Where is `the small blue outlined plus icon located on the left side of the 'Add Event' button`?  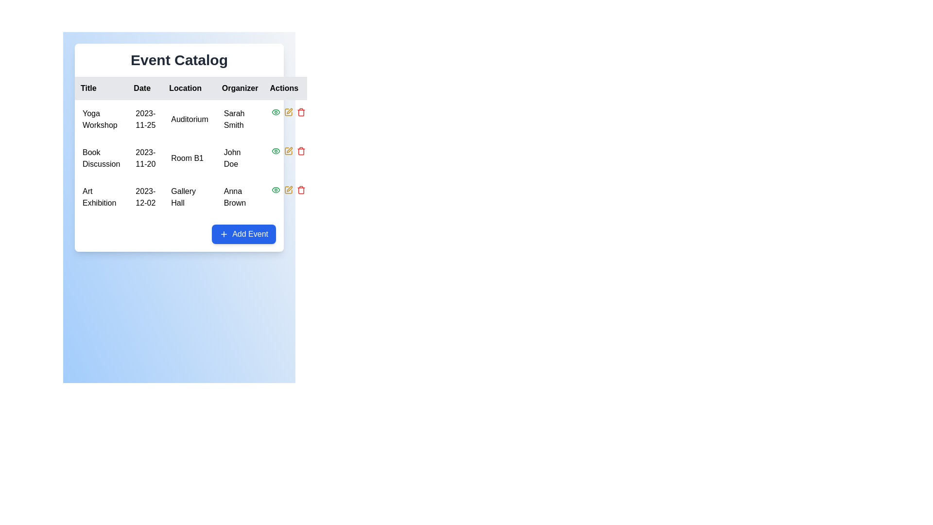
the small blue outlined plus icon located on the left side of the 'Add Event' button is located at coordinates (224, 234).